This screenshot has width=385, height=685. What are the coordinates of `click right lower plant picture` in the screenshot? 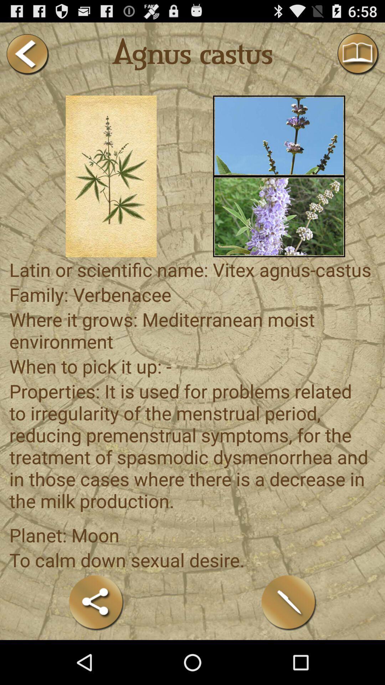 It's located at (279, 216).